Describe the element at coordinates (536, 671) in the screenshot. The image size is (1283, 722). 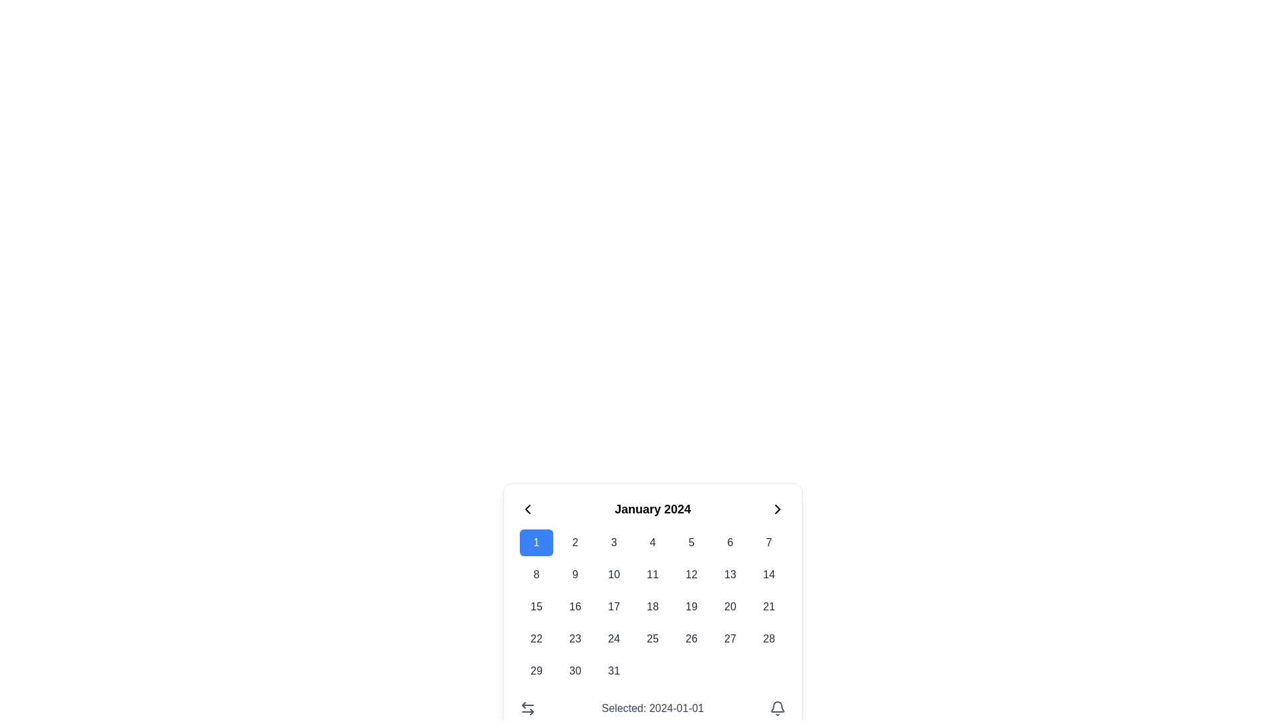
I see `the rectangular button with the number '29' in dark gray text located in the sixth row and first column of the calendar grid` at that location.